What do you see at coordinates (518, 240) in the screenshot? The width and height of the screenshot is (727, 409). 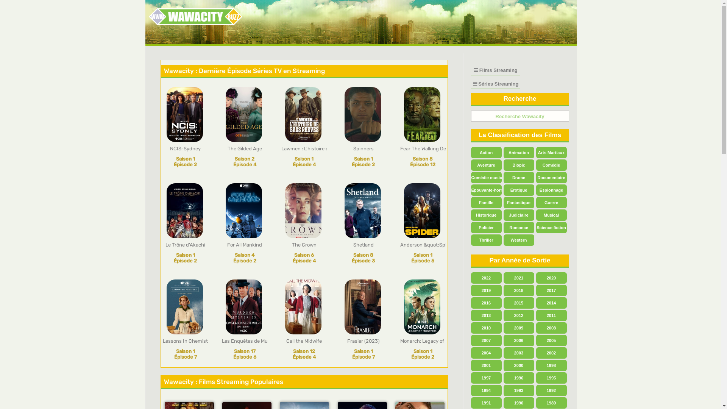 I see `'Western'` at bounding box center [518, 240].